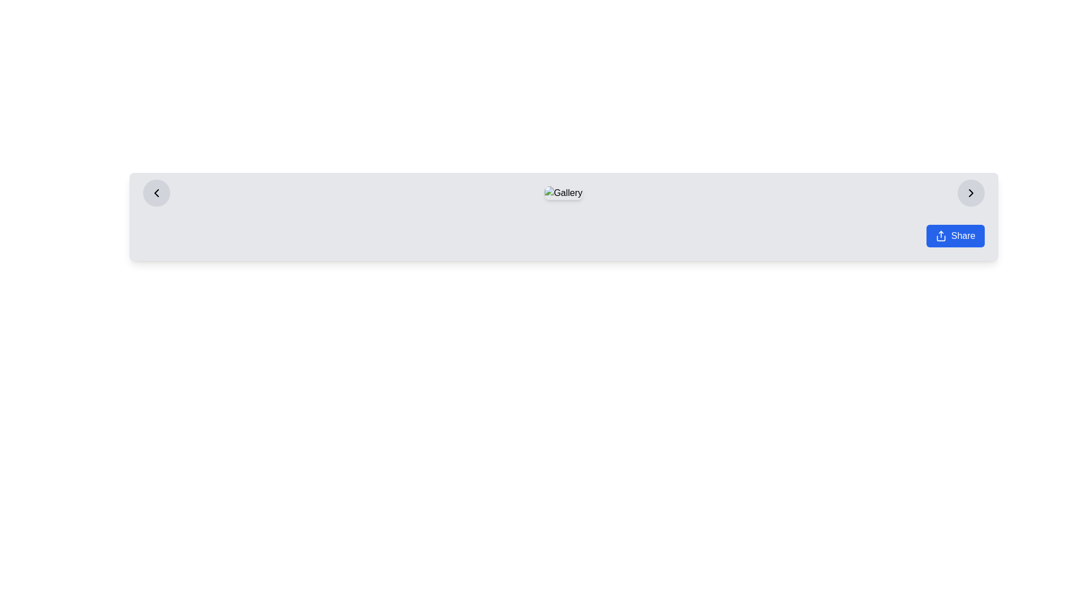 Image resolution: width=1086 pixels, height=610 pixels. Describe the element at coordinates (563, 193) in the screenshot. I see `the 'Gallery' thumbnail image with rounded corners and shadow effect, which is centrally aligned within the horizontal bar` at that location.